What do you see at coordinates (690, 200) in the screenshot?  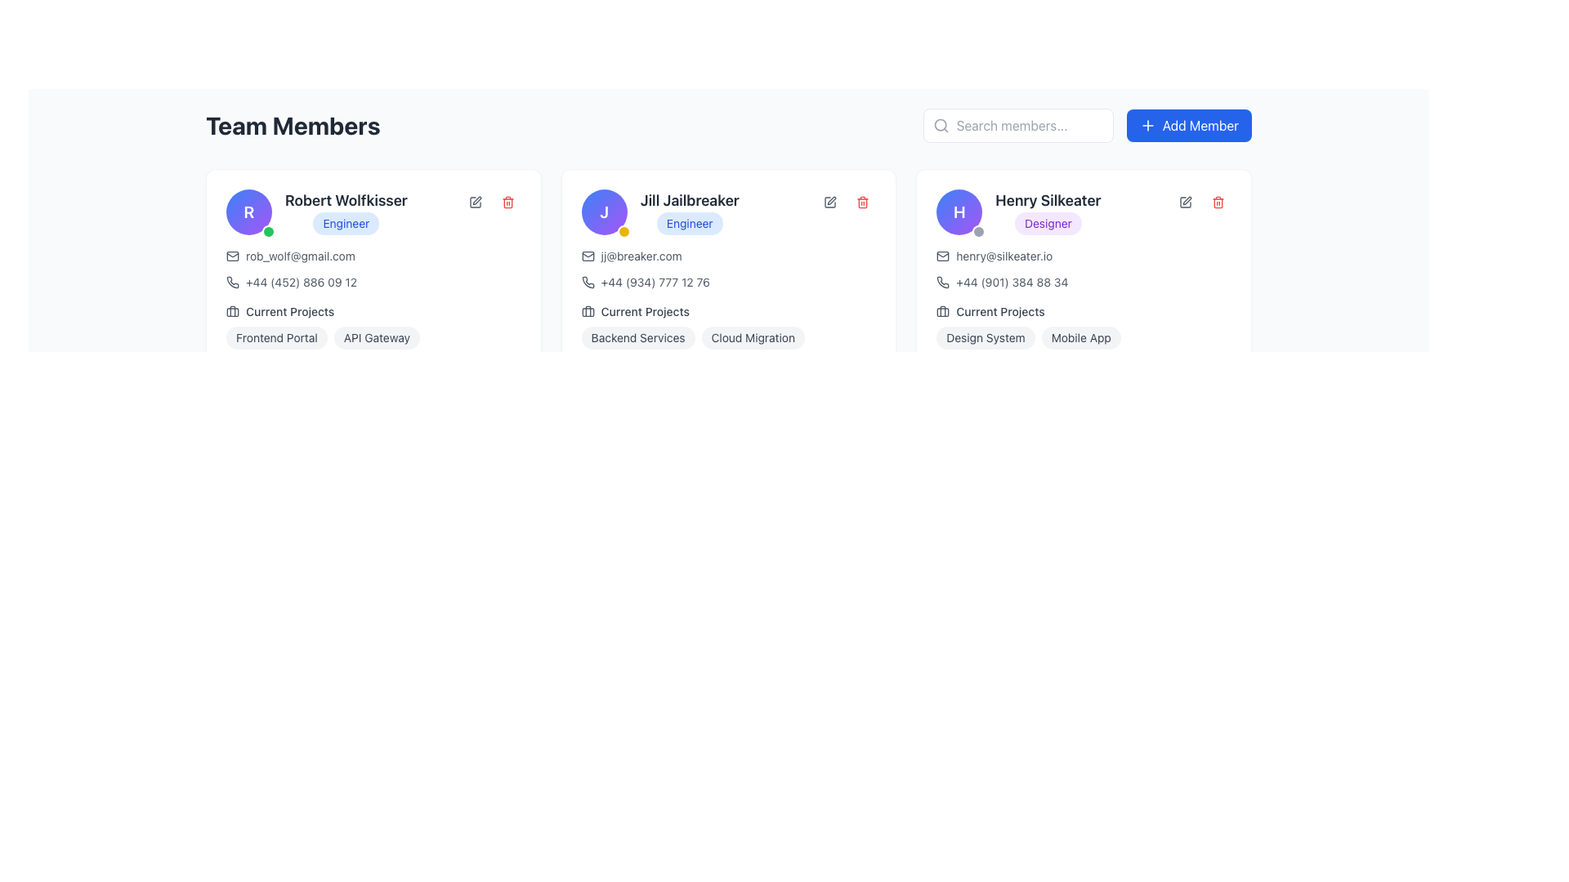 I see `the Text Label that displays the full name of the individual on the profile card, located at the top-center of the card, above the 'Engineer' label` at bounding box center [690, 200].